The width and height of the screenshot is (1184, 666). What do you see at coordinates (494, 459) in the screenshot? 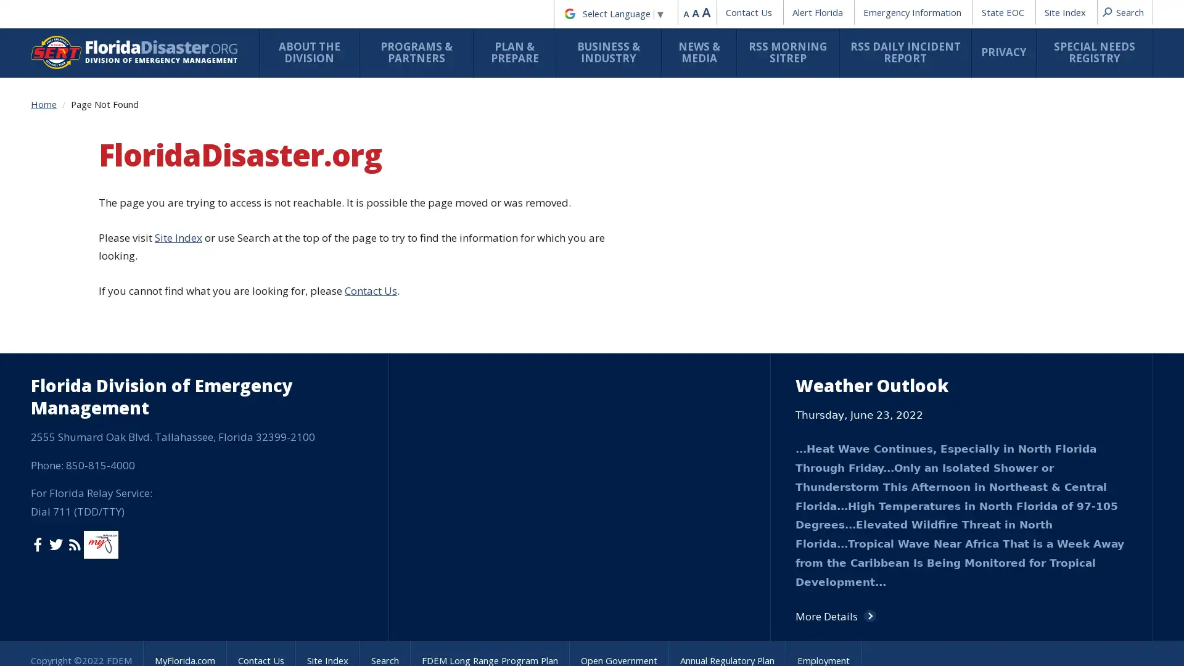
I see `Toggle More` at bounding box center [494, 459].